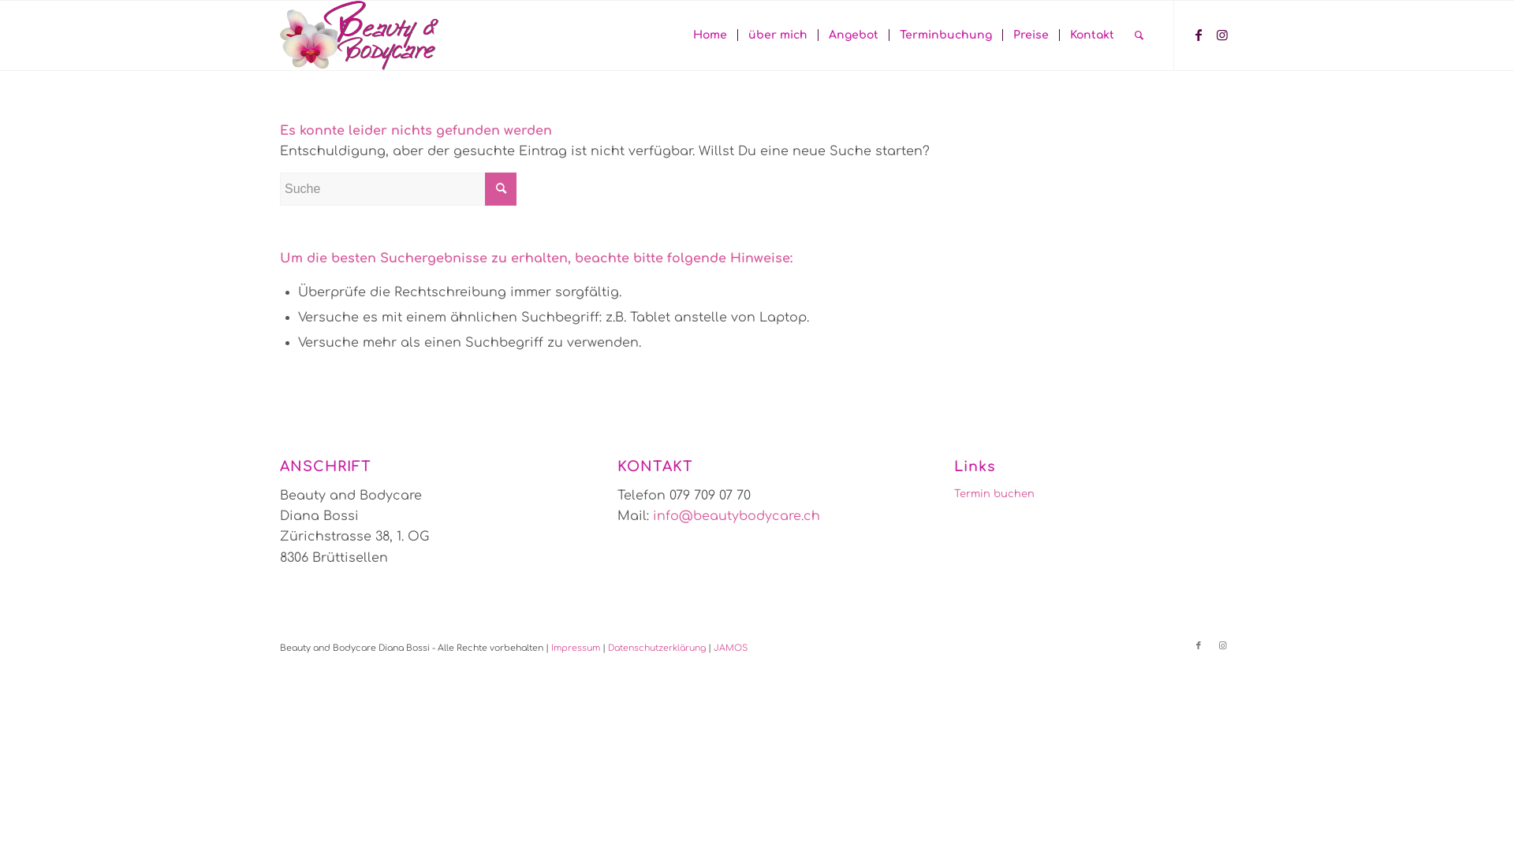 The height and width of the screenshot is (851, 1514). Describe the element at coordinates (852, 35) in the screenshot. I see `'Angebot'` at that location.